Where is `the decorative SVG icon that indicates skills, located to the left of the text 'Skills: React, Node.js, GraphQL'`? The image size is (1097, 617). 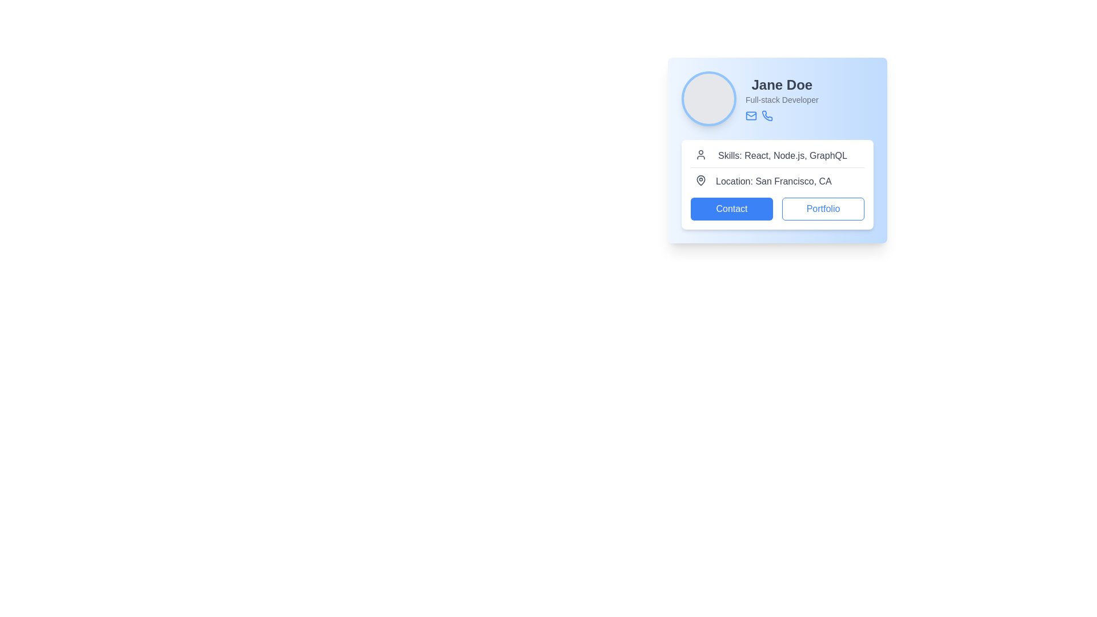
the decorative SVG icon that indicates skills, located to the left of the text 'Skills: React, Node.js, GraphQL' is located at coordinates (700, 154).